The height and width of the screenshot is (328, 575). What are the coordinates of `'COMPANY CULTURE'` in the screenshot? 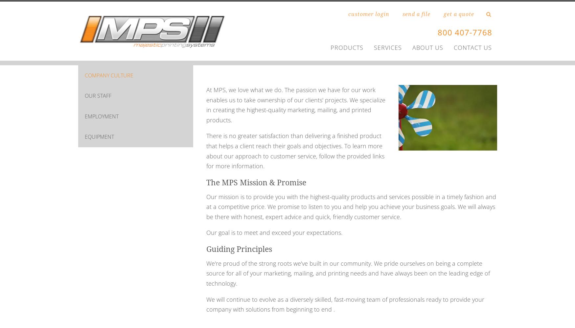 It's located at (108, 75).